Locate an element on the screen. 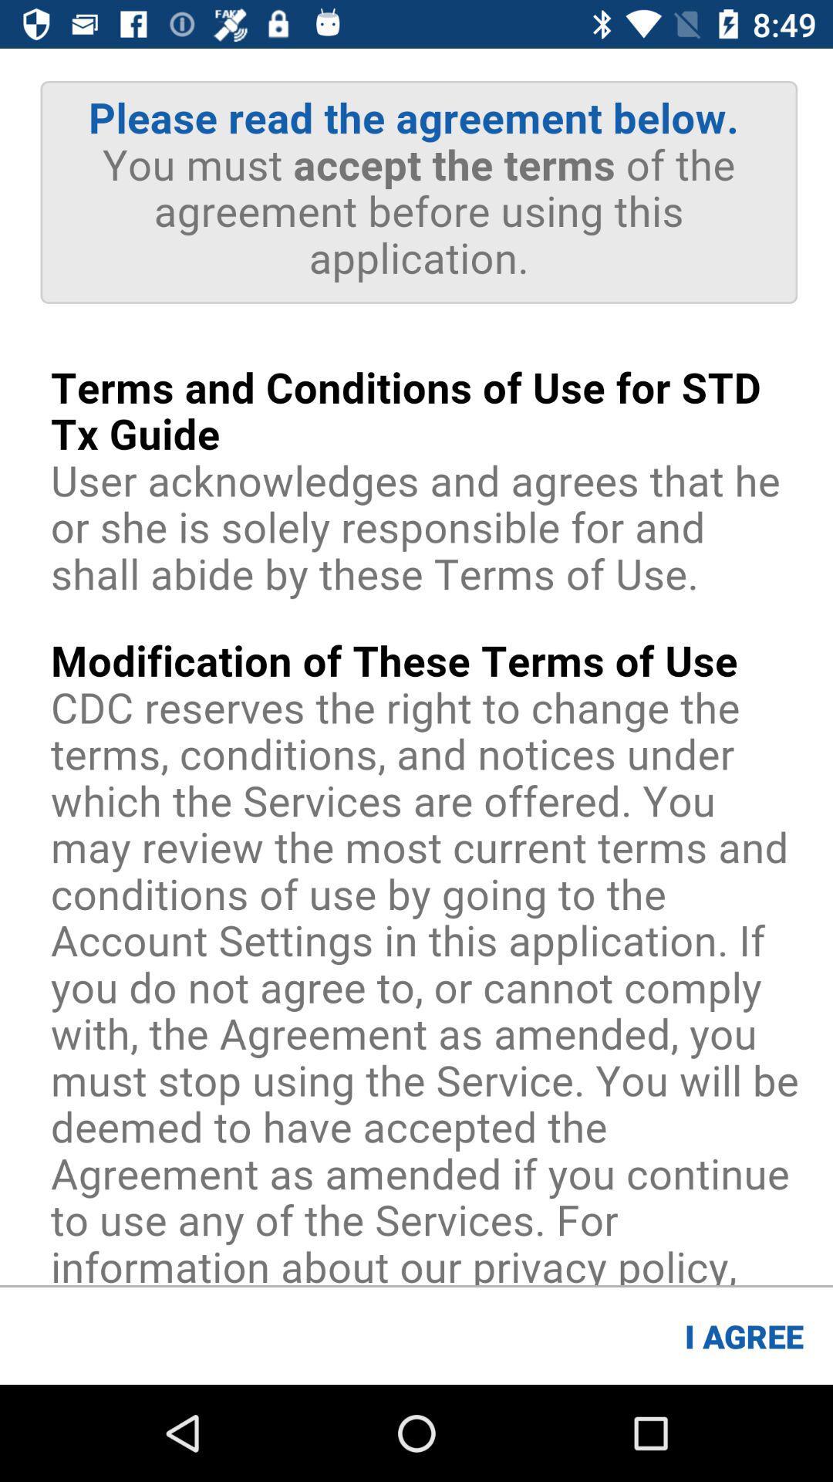  advertisement page is located at coordinates (416, 667).